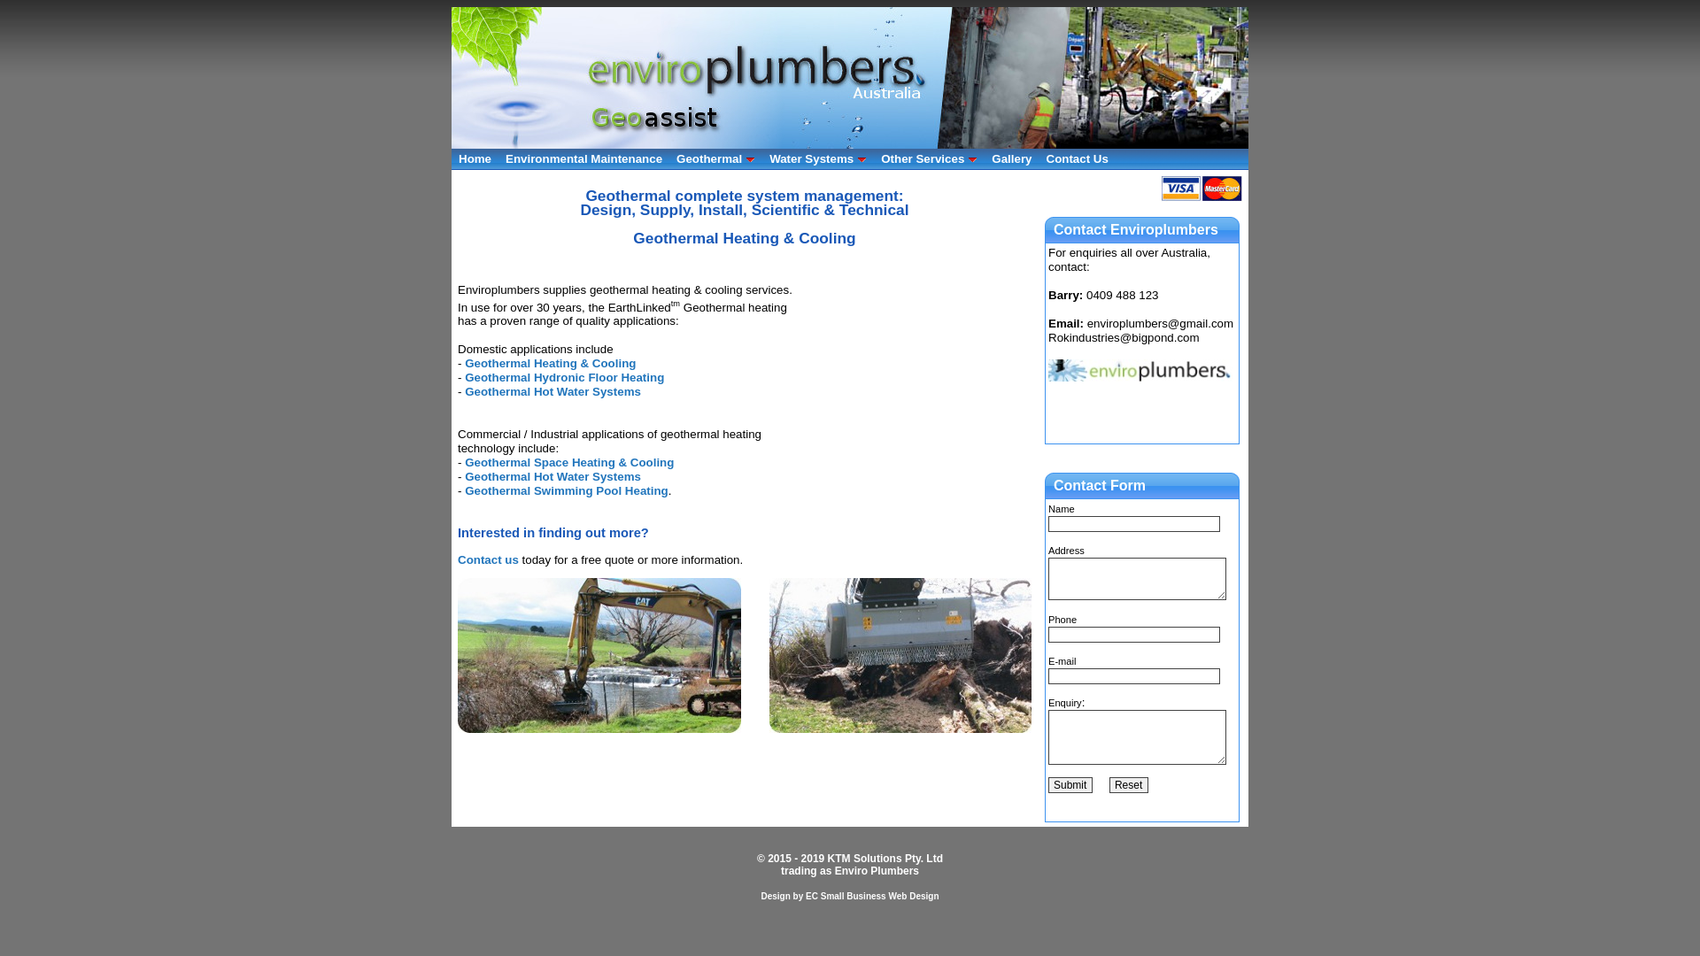 The width and height of the screenshot is (1700, 956). Describe the element at coordinates (563, 376) in the screenshot. I see `'Geothermal Hydronic Floor Heating'` at that location.